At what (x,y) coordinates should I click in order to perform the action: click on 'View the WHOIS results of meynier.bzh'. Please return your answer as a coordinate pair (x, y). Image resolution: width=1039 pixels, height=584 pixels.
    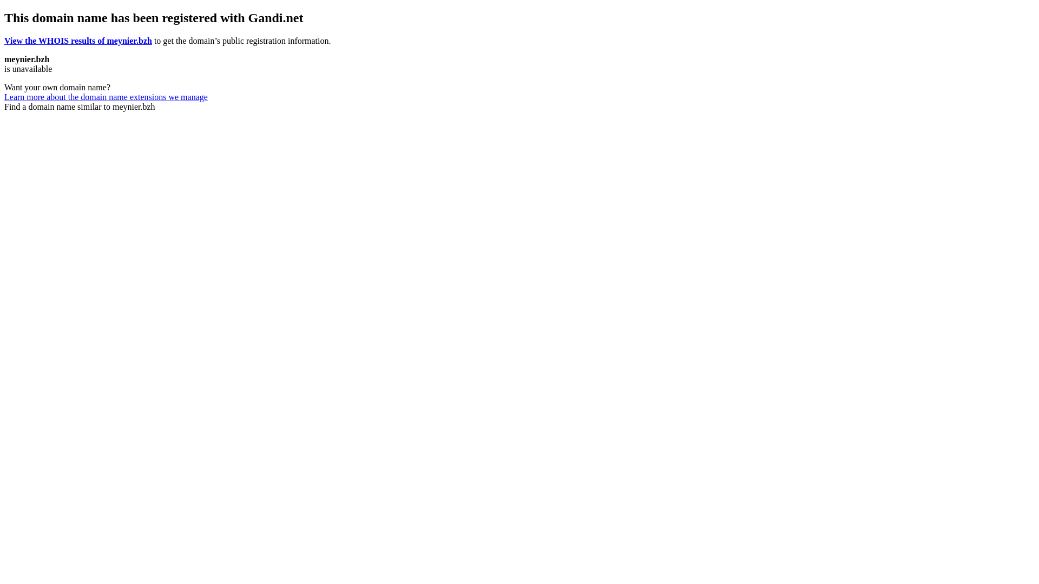
    Looking at the image, I should click on (4, 40).